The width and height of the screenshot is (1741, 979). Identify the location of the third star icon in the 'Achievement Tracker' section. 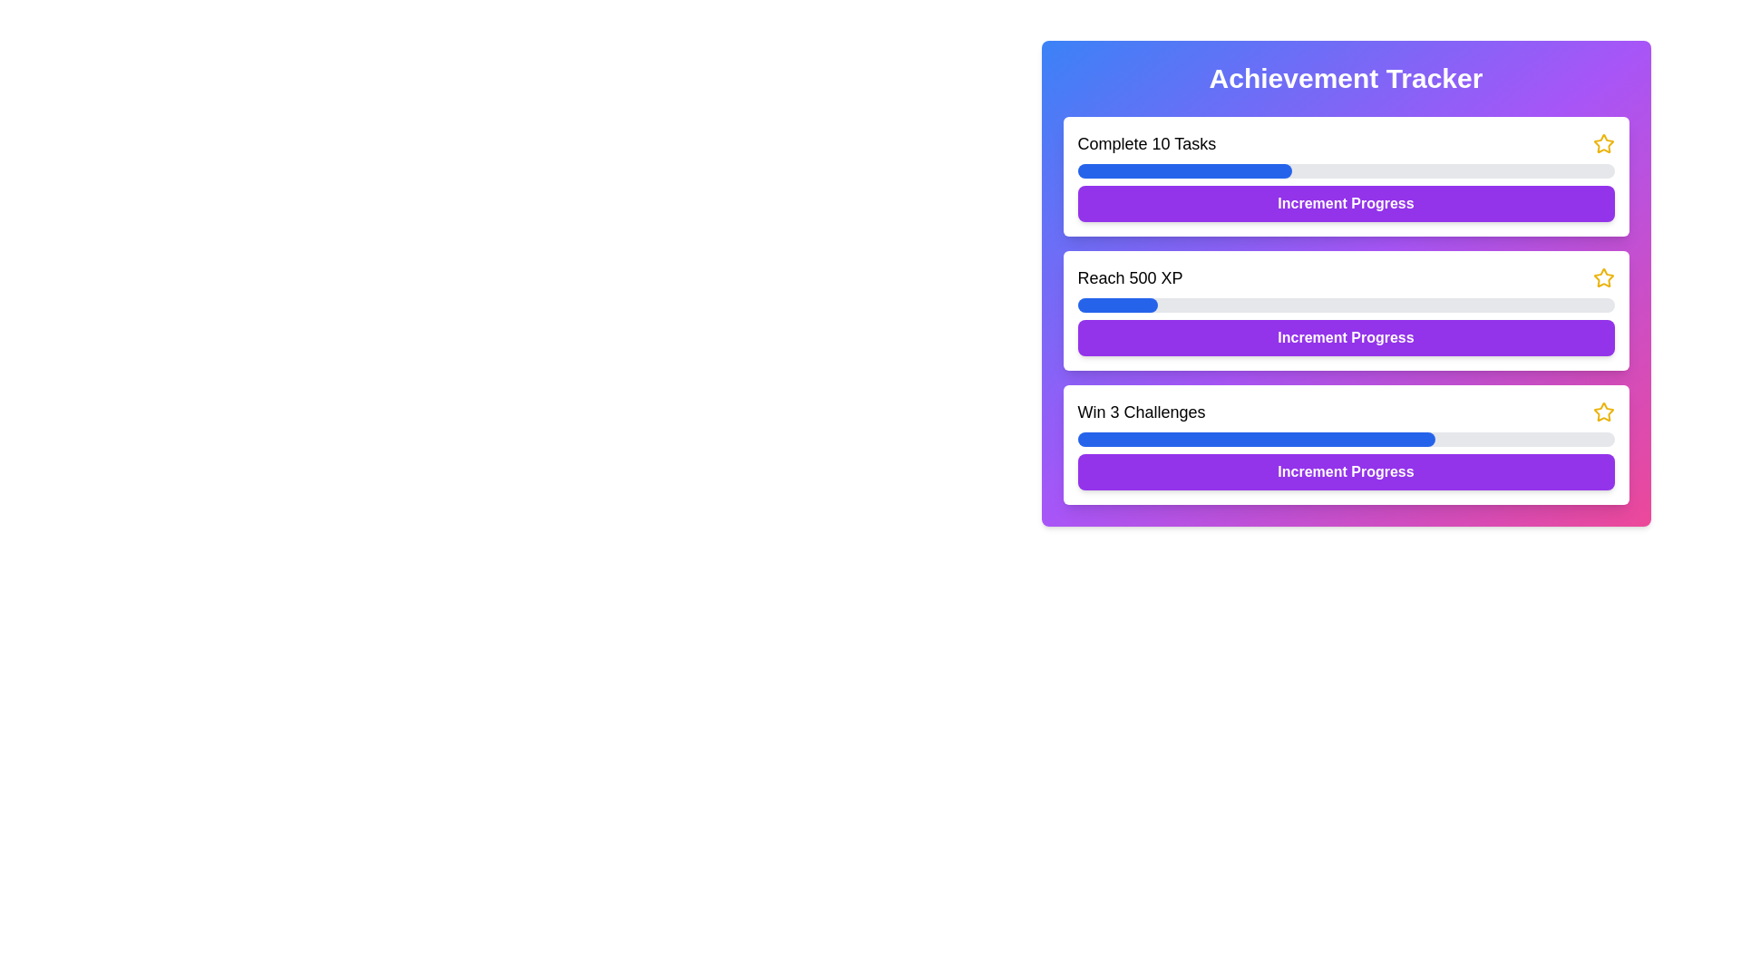
(1603, 412).